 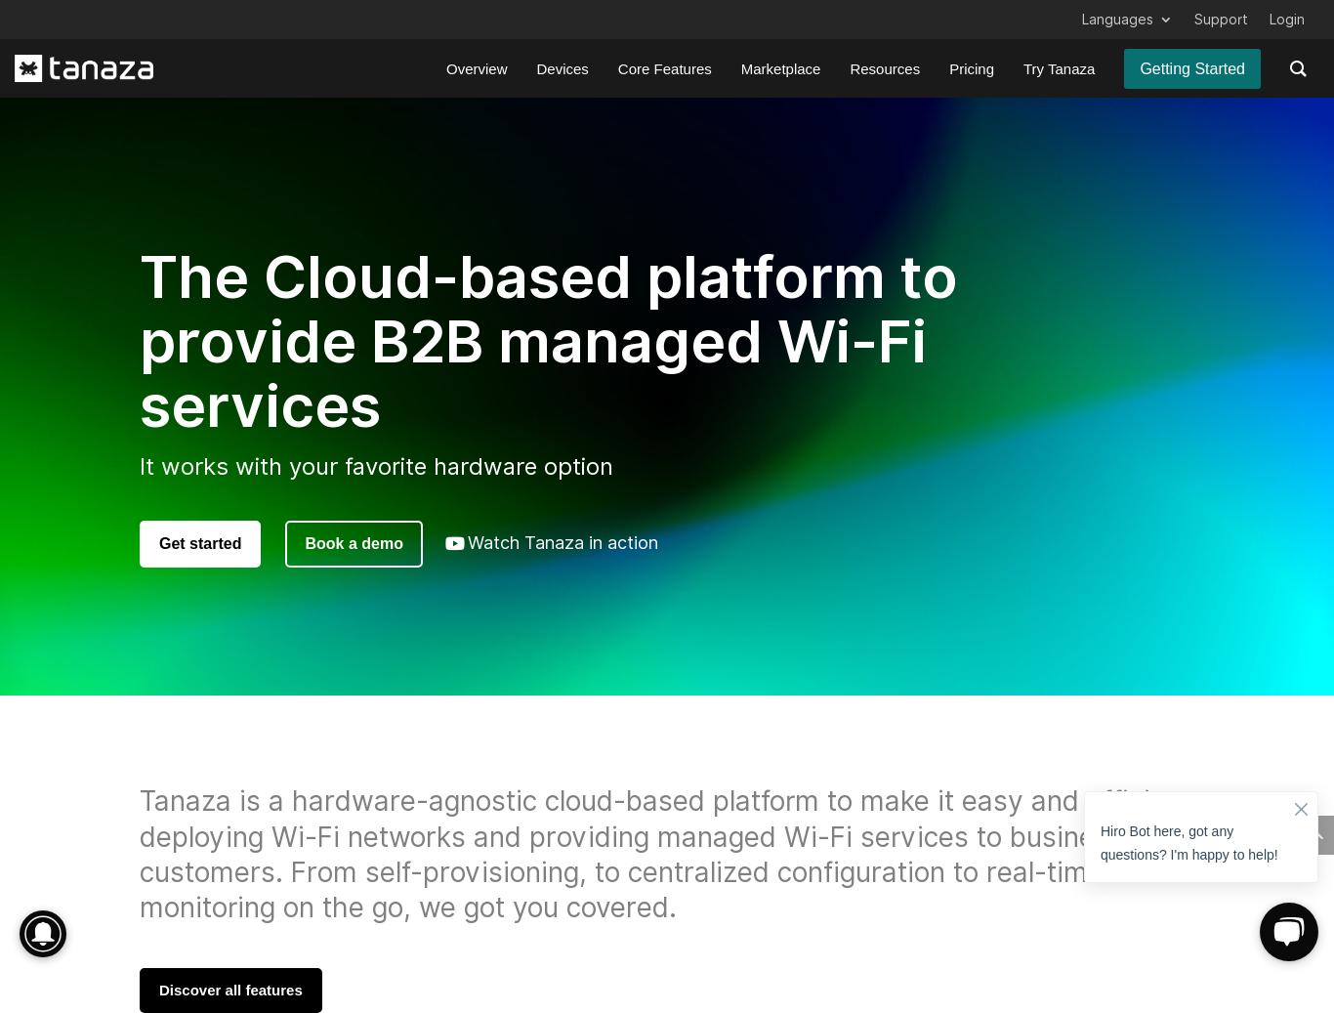 I want to click on 'Discover all features', so click(x=230, y=989).